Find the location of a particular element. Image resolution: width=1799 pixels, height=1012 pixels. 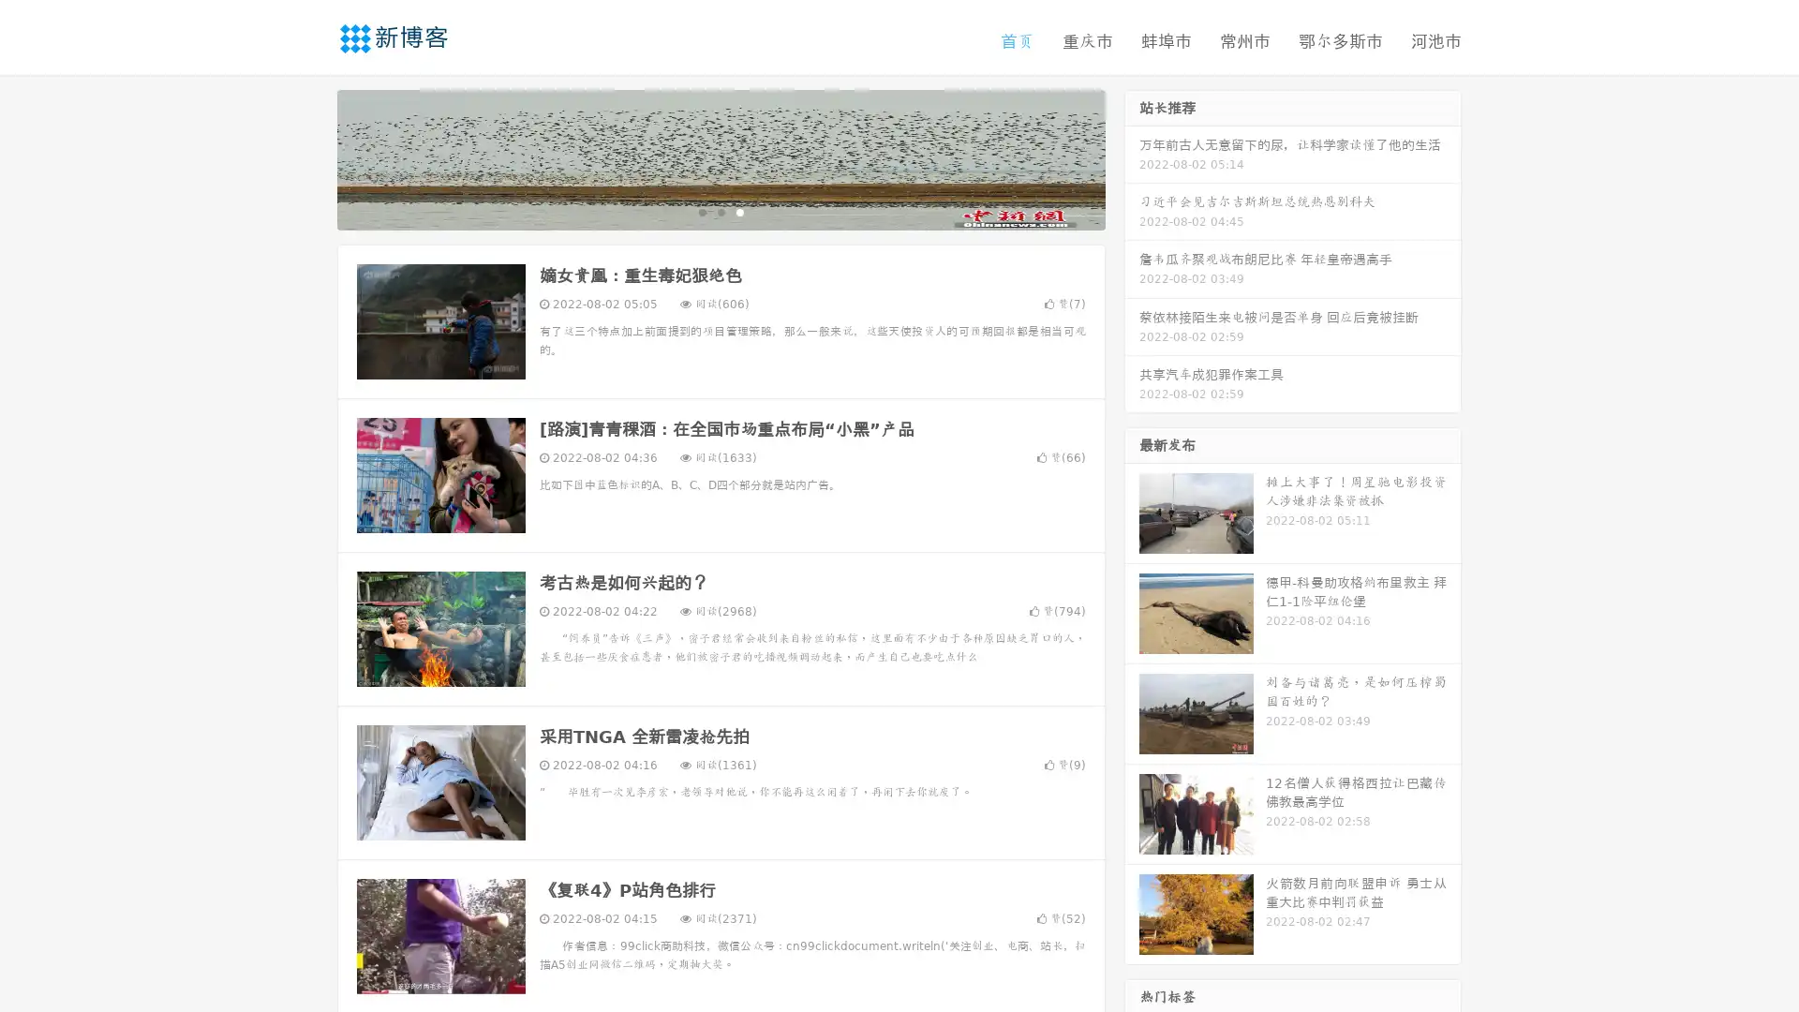

Go to slide 1 is located at coordinates (701, 211).